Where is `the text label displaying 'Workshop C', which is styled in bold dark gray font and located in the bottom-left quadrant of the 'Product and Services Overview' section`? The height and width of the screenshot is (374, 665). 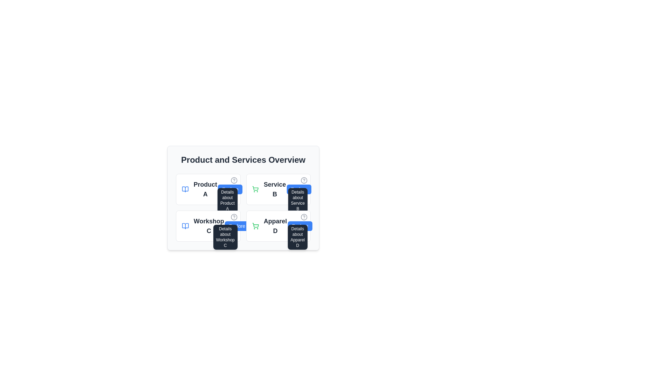
the text label displaying 'Workshop C', which is styled in bold dark gray font and located in the bottom-left quadrant of the 'Product and Services Overview' section is located at coordinates (209, 226).